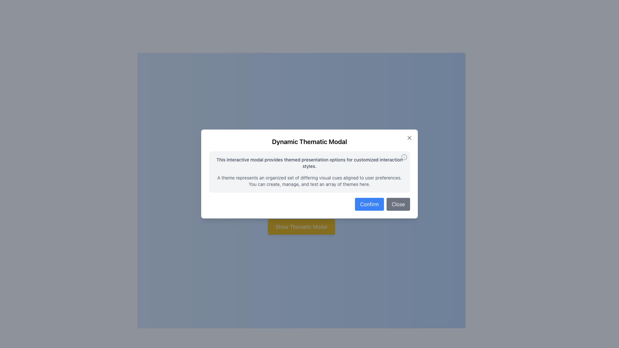  What do you see at coordinates (404, 157) in the screenshot?
I see `the circular gray icon button in the top-right corner of the modal box` at bounding box center [404, 157].